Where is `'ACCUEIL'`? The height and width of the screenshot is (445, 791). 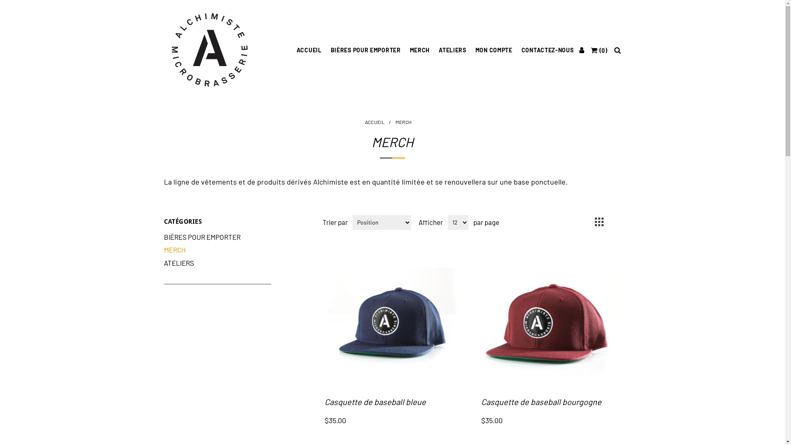 'ACCUEIL' is located at coordinates (309, 50).